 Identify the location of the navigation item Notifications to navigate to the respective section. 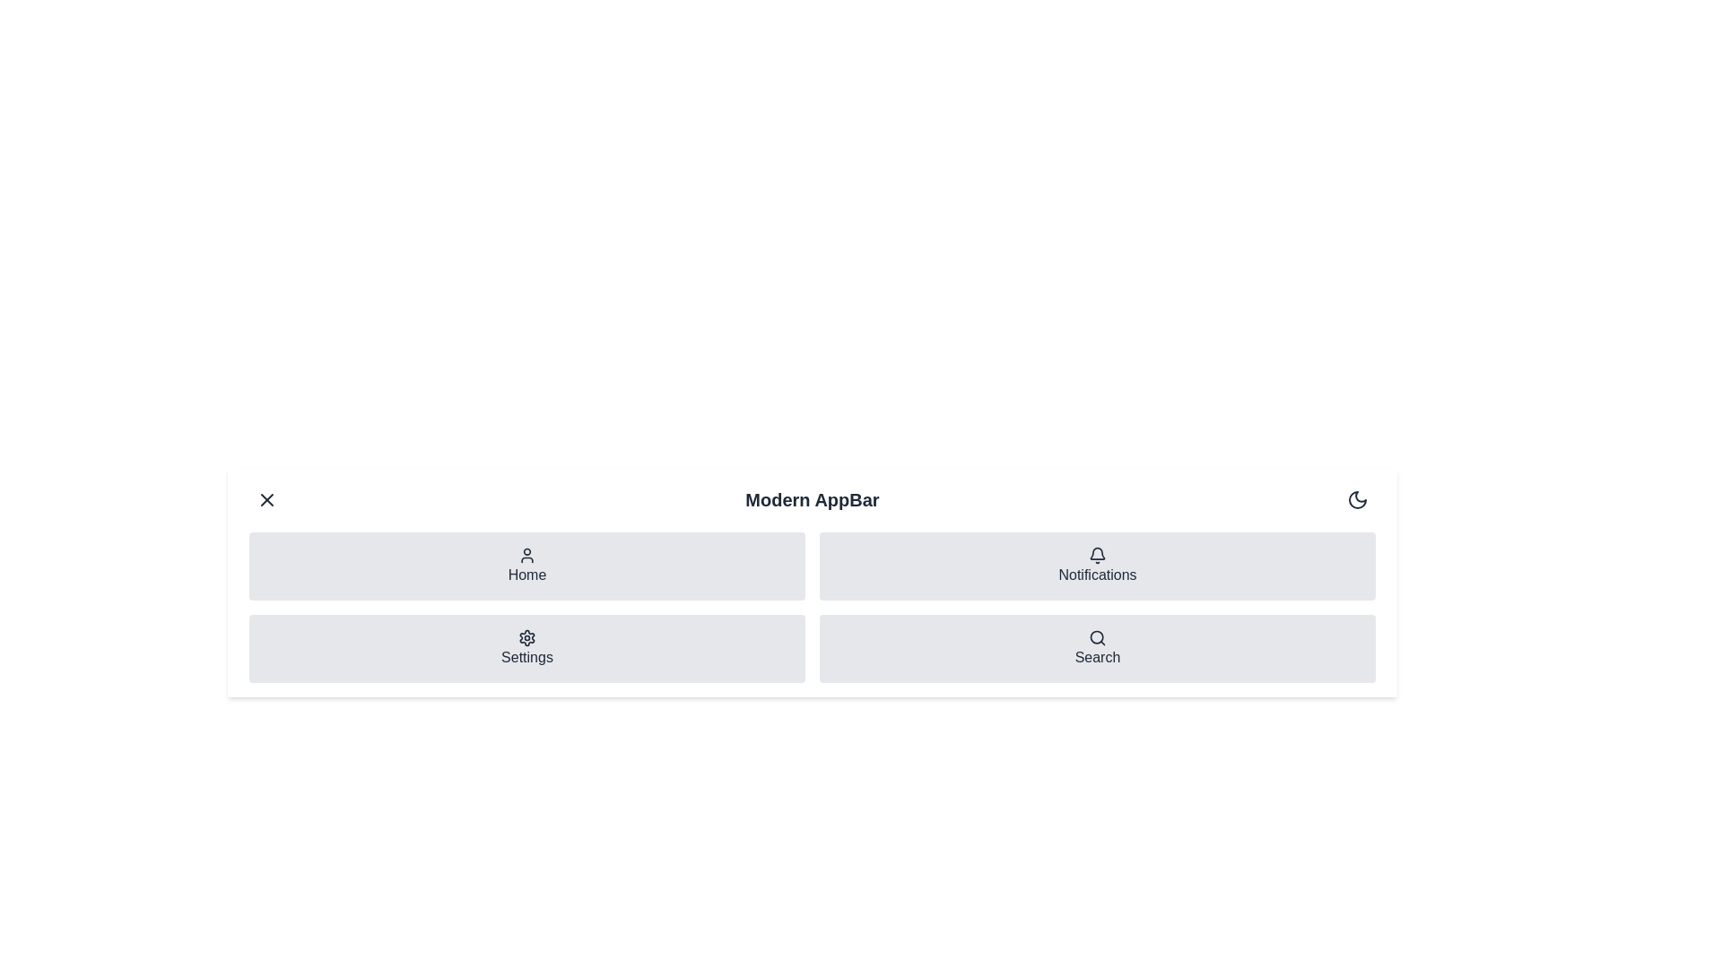
(1097, 566).